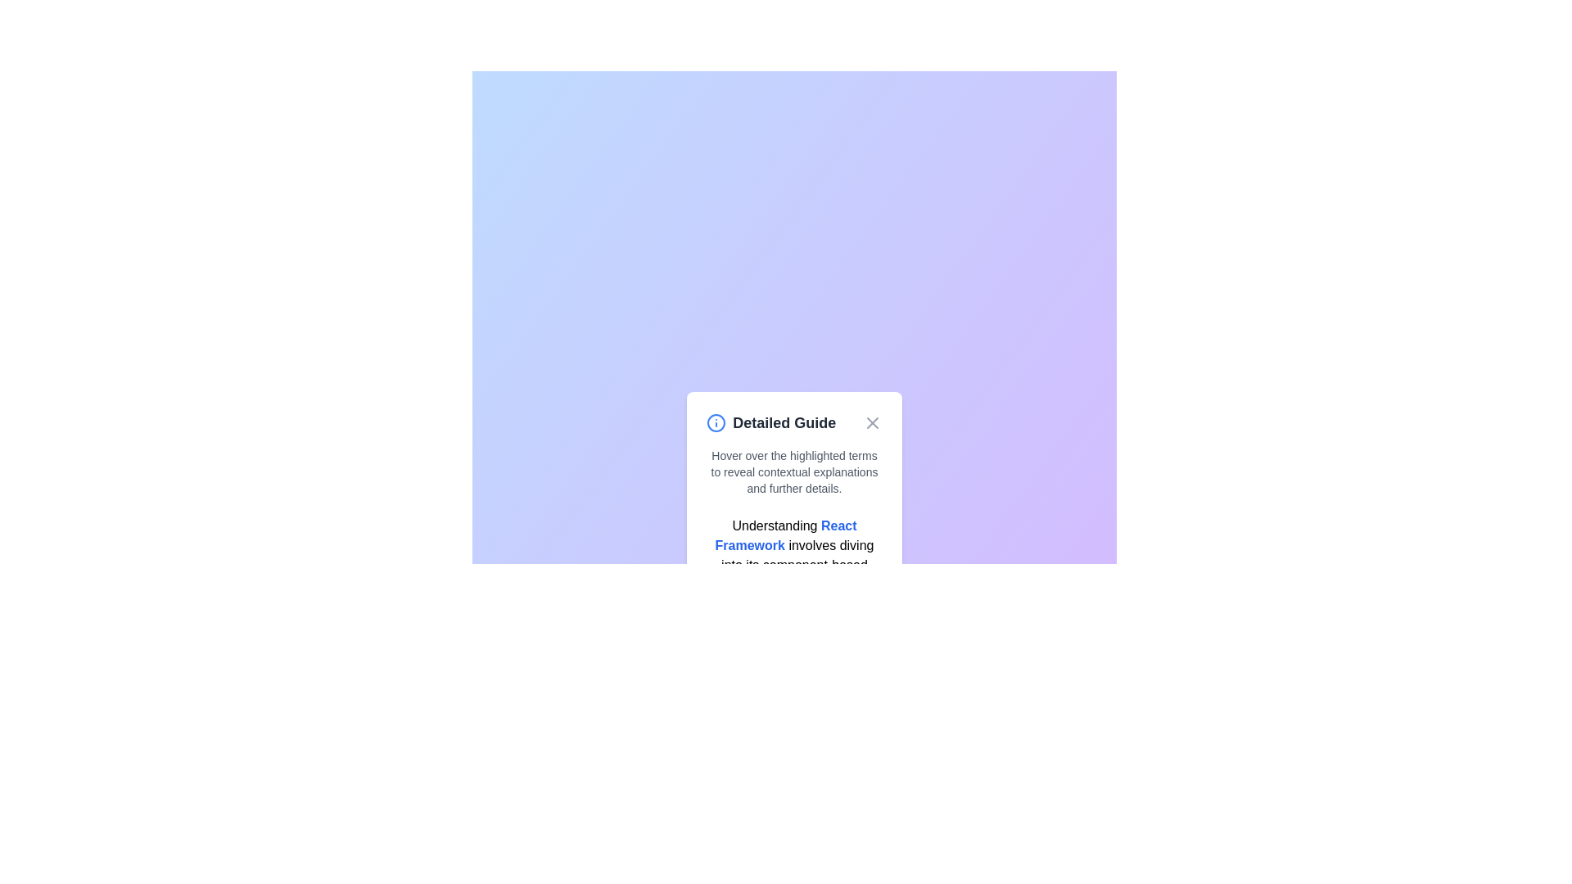 This screenshot has width=1572, height=884. I want to click on the 'X' icon in the top-right corner of the 'Detailed Guide' tooltip window, so click(871, 422).